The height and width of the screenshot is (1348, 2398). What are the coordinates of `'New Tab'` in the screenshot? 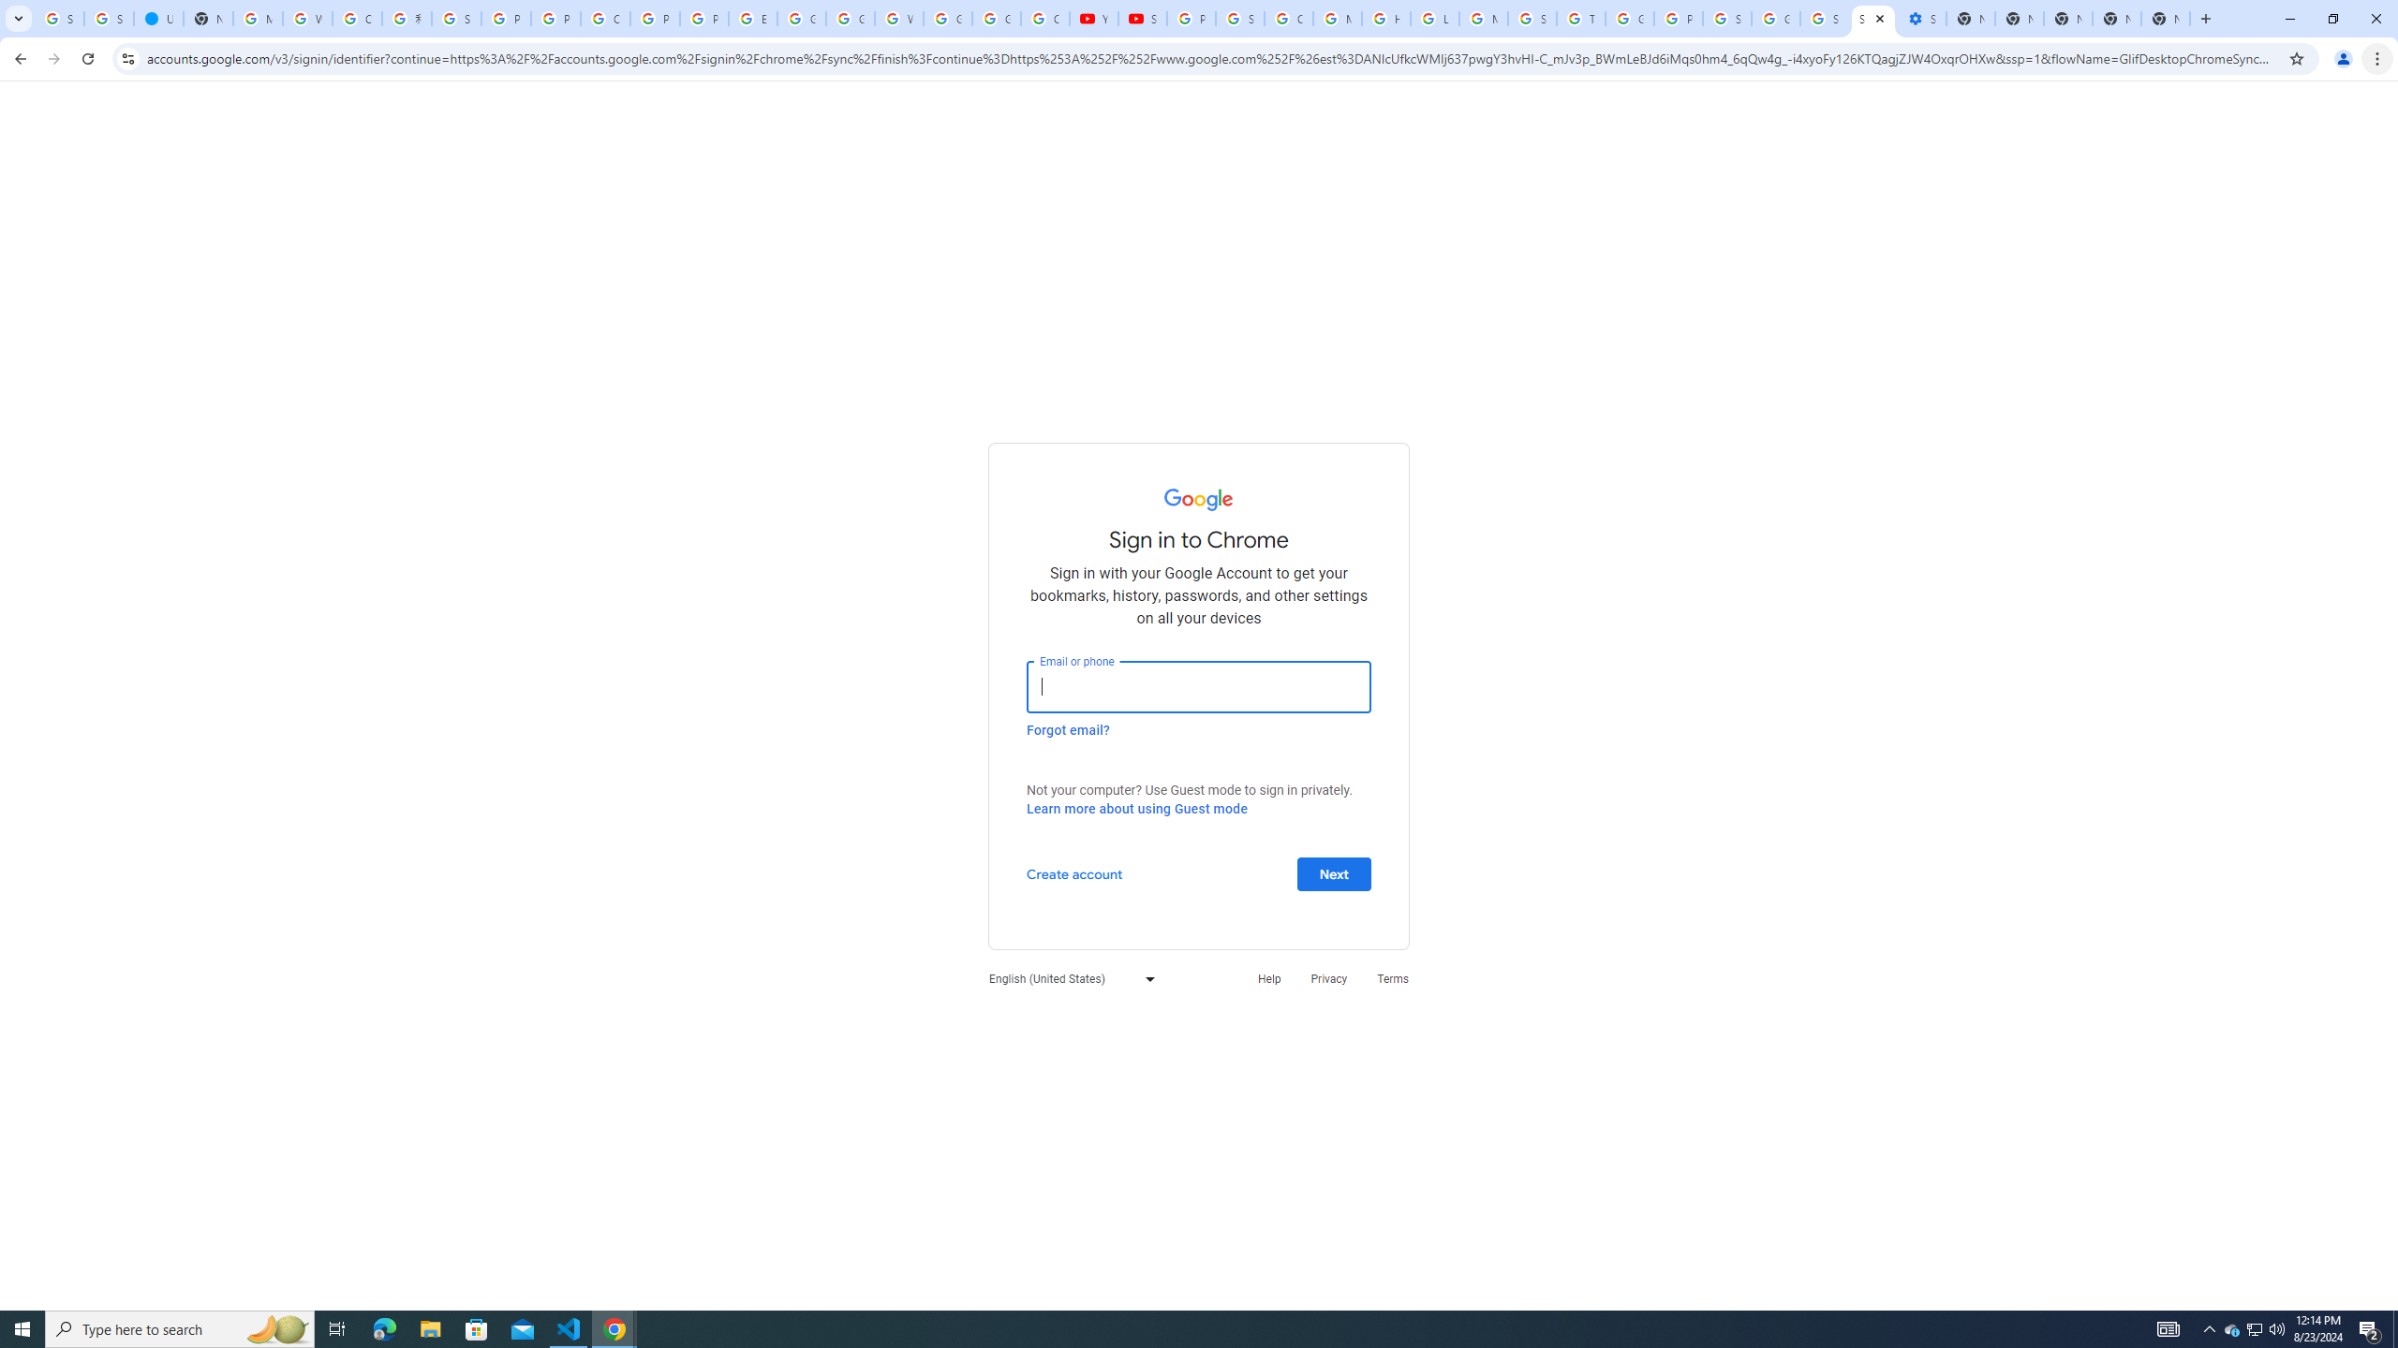 It's located at (2165, 18).